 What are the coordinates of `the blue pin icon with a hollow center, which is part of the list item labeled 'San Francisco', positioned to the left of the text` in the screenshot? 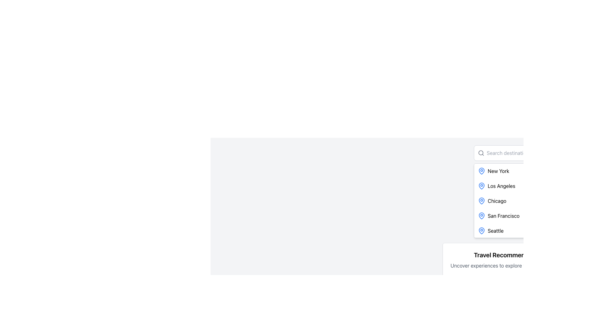 It's located at (481, 216).